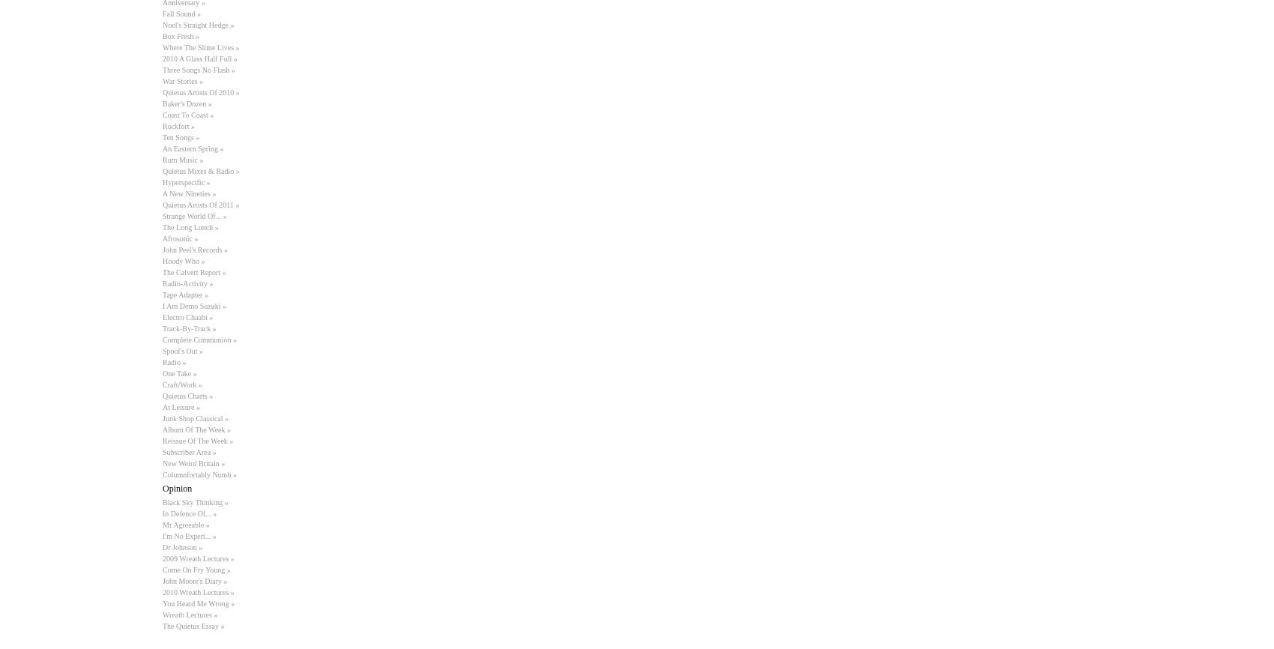 This screenshot has width=1274, height=649. What do you see at coordinates (180, 238) in the screenshot?
I see `'Afrosonic »'` at bounding box center [180, 238].